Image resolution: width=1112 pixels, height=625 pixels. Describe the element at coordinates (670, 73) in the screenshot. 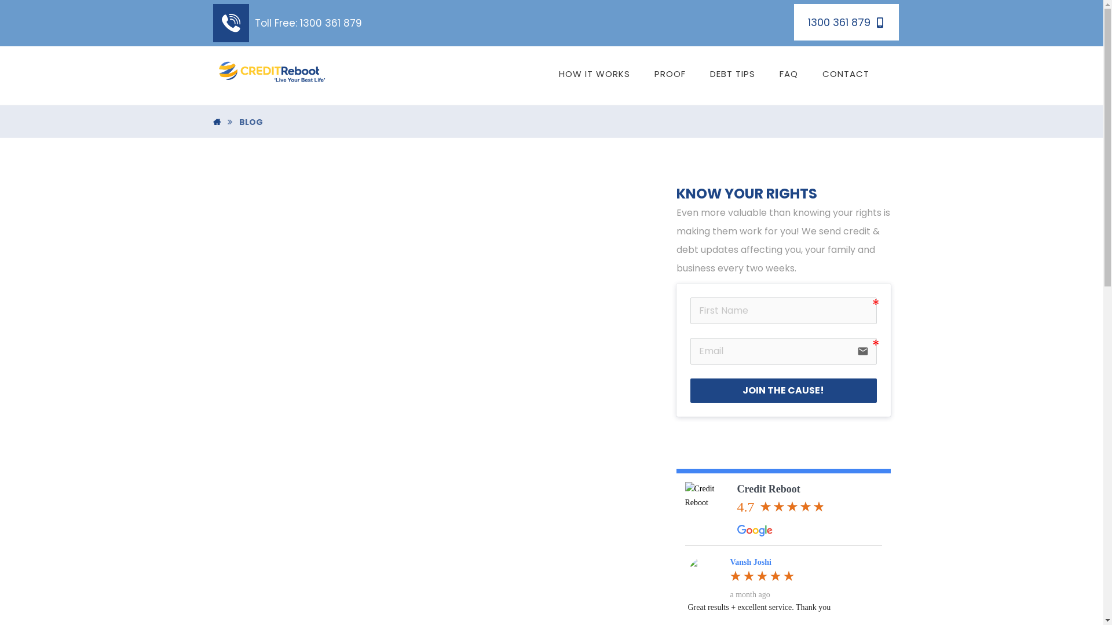

I see `'PROOF'` at that location.